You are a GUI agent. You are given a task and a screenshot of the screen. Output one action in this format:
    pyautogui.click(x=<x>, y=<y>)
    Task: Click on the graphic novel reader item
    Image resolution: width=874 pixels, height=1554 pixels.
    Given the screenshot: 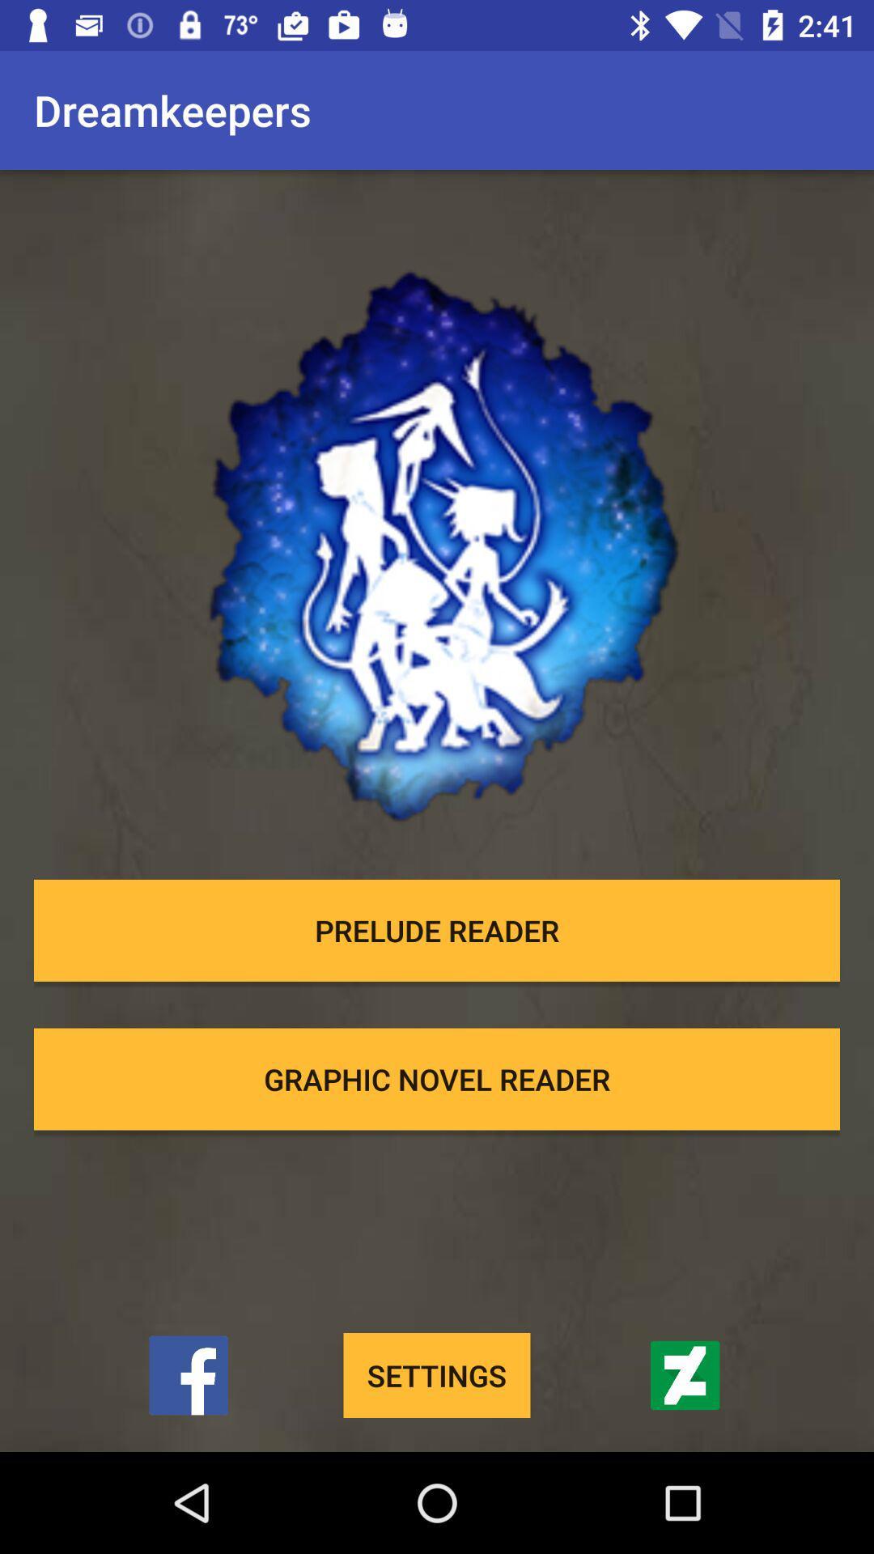 What is the action you would take?
    pyautogui.click(x=437, y=1079)
    